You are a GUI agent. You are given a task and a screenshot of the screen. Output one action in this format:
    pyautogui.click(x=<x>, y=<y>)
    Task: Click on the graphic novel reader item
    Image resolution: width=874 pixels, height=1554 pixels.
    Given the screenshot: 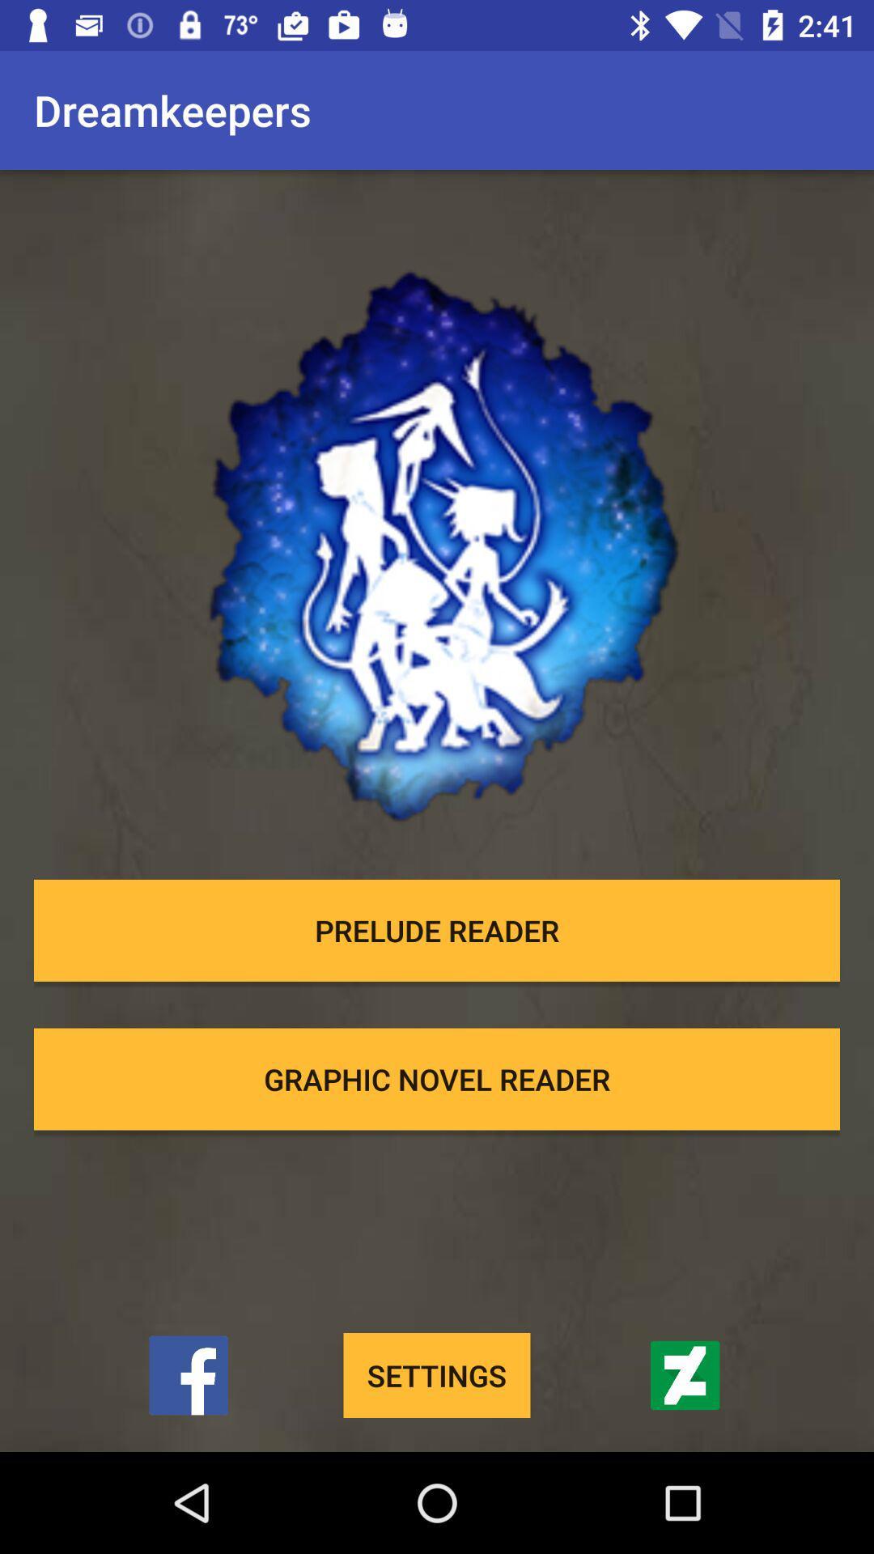 What is the action you would take?
    pyautogui.click(x=437, y=1079)
    